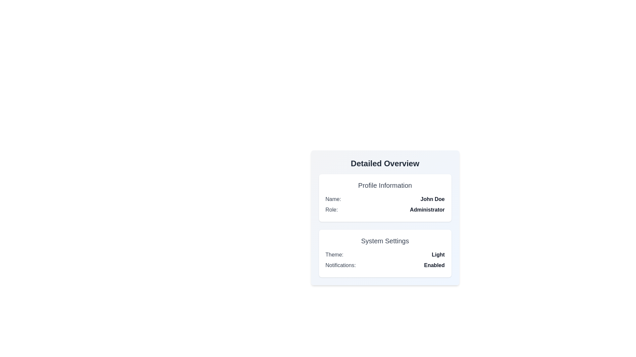 The image size is (636, 357). Describe the element at coordinates (434, 265) in the screenshot. I see `the static text label displaying 'Enabled', which is located within the settings section under 'Notifications:' in a light-themed interface` at that location.